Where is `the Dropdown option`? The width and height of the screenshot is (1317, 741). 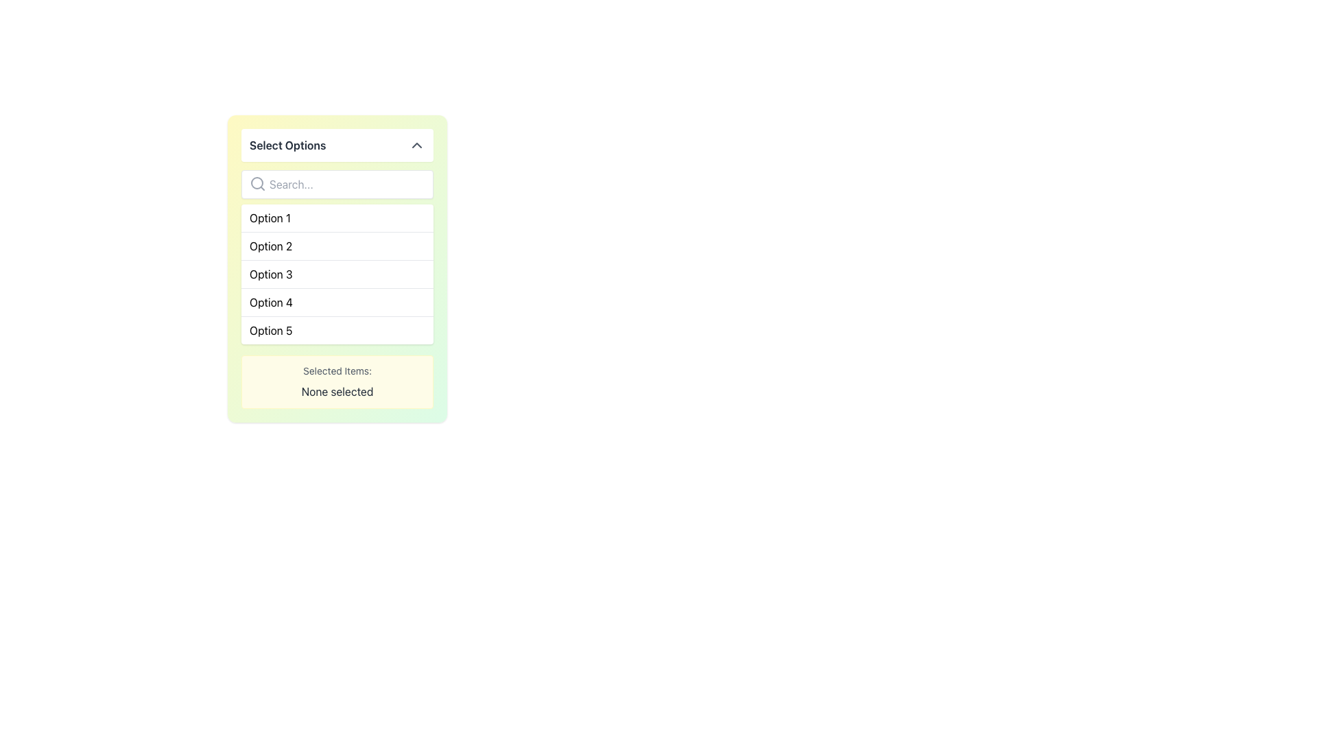
the Dropdown option is located at coordinates (337, 269).